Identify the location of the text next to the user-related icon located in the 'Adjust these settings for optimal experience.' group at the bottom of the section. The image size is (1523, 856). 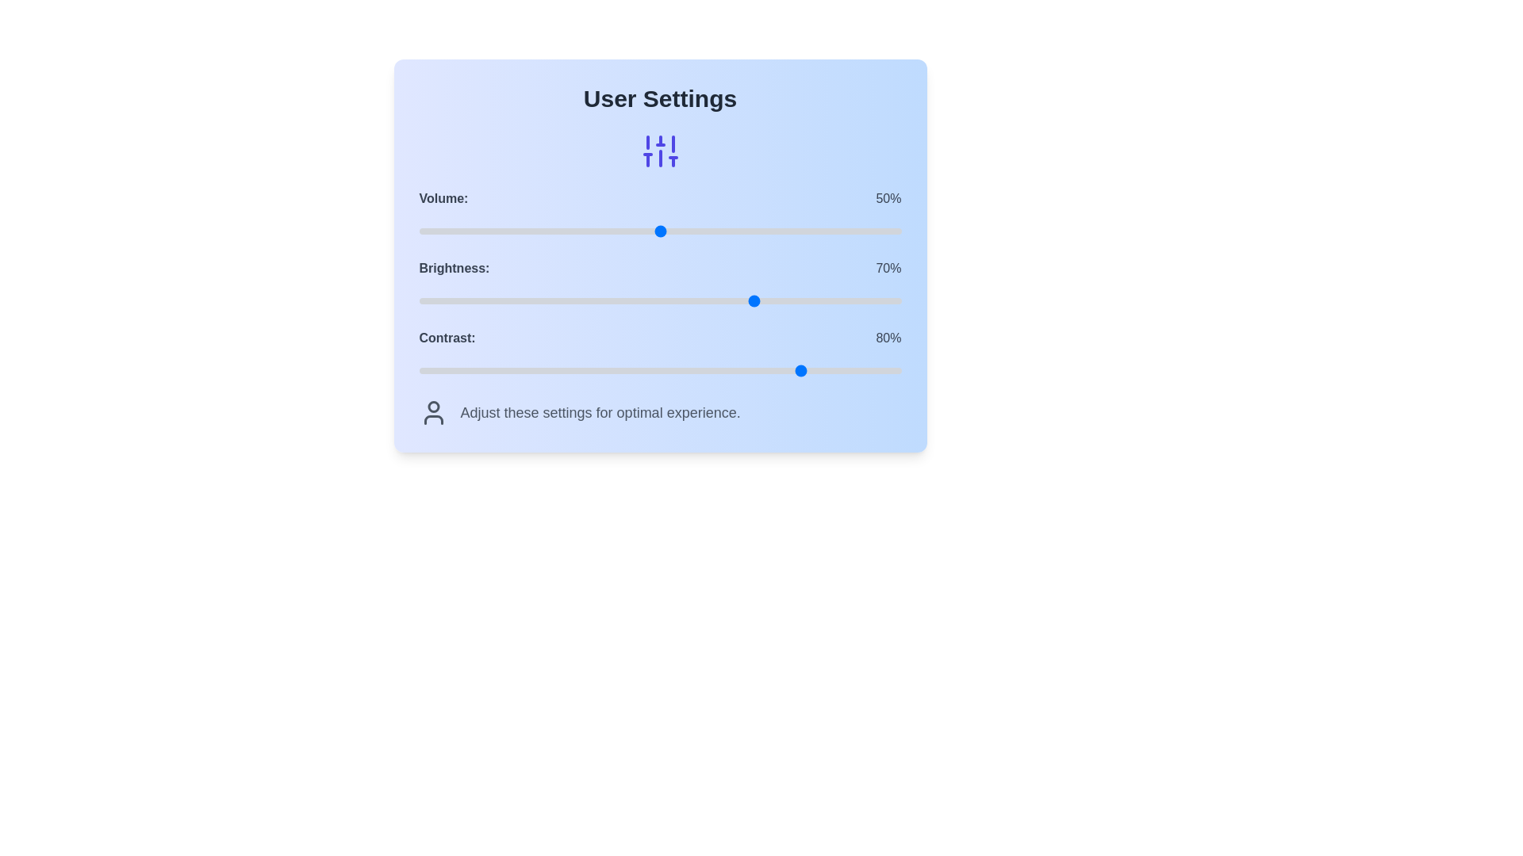
(433, 411).